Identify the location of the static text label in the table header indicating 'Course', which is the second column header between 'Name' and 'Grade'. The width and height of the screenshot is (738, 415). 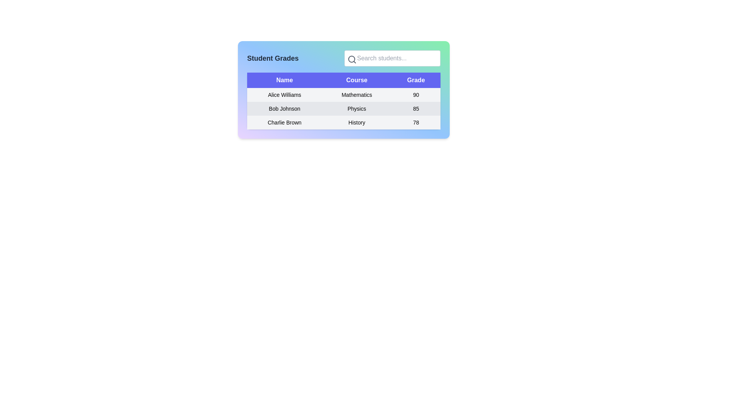
(356, 80).